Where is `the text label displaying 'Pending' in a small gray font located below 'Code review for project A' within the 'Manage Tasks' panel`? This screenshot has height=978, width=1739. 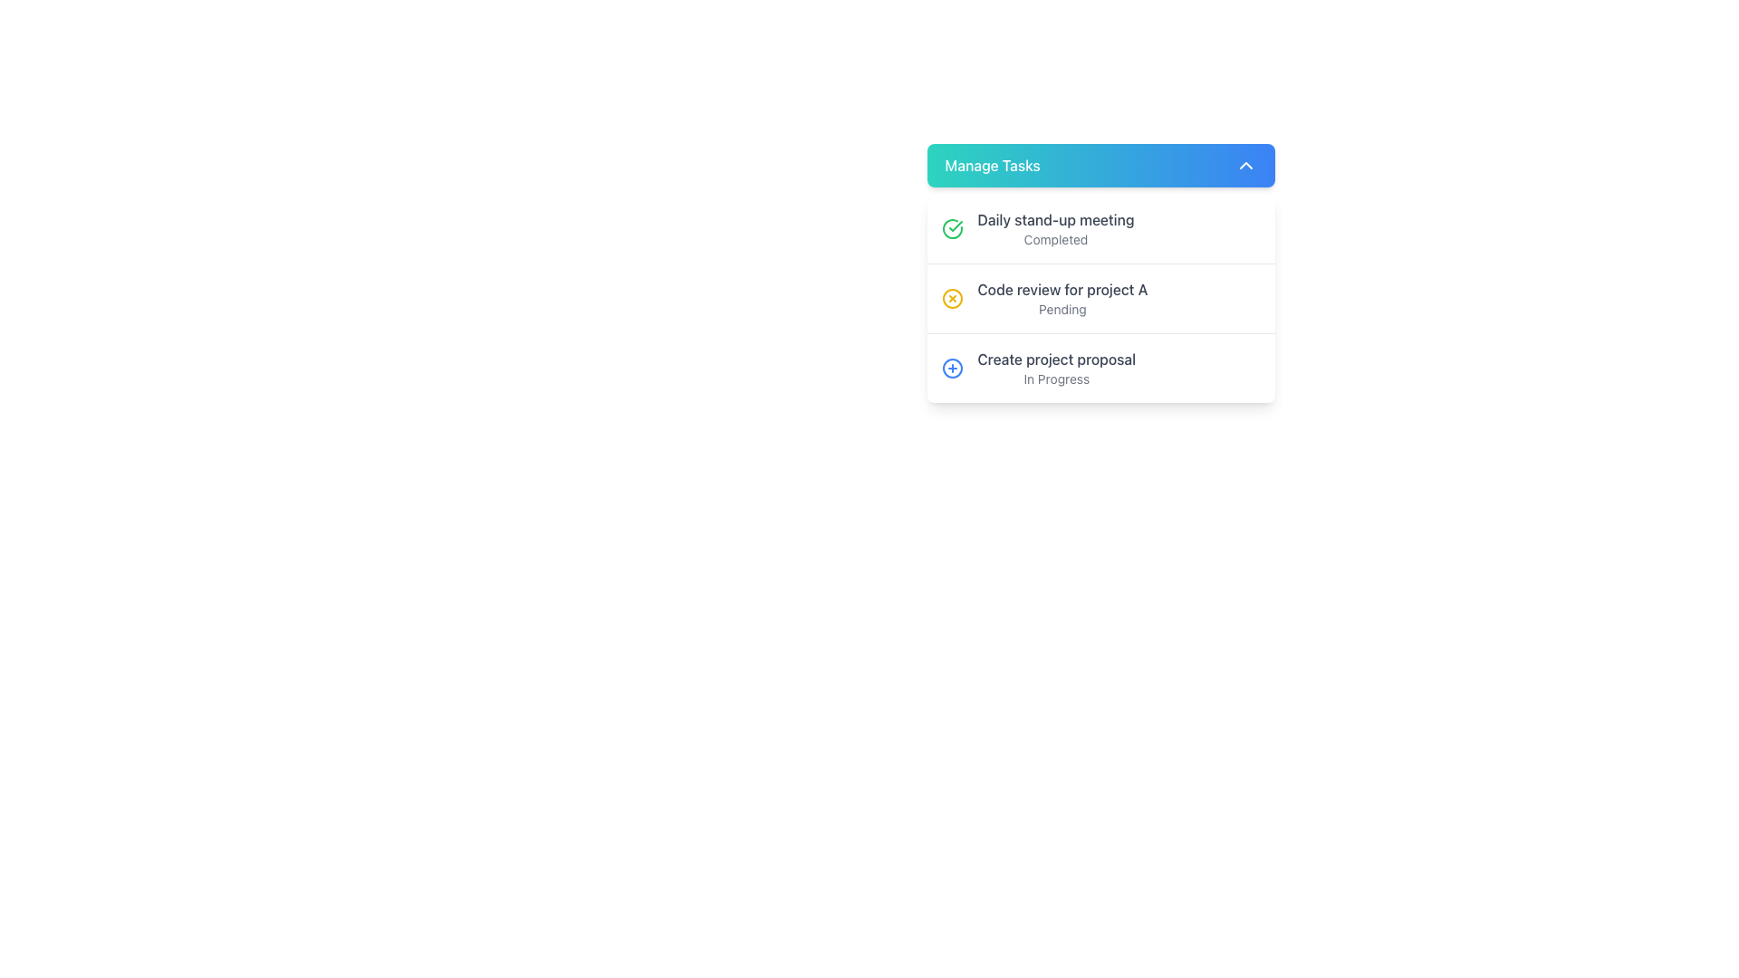
the text label displaying 'Pending' in a small gray font located below 'Code review for project A' within the 'Manage Tasks' panel is located at coordinates (1062, 309).